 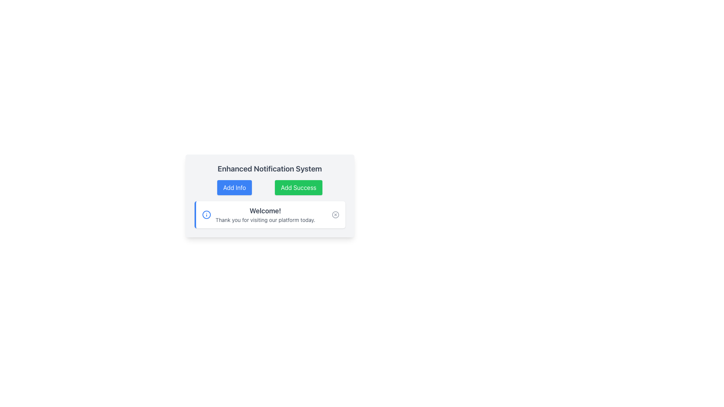 I want to click on the information icon, so click(x=206, y=215).